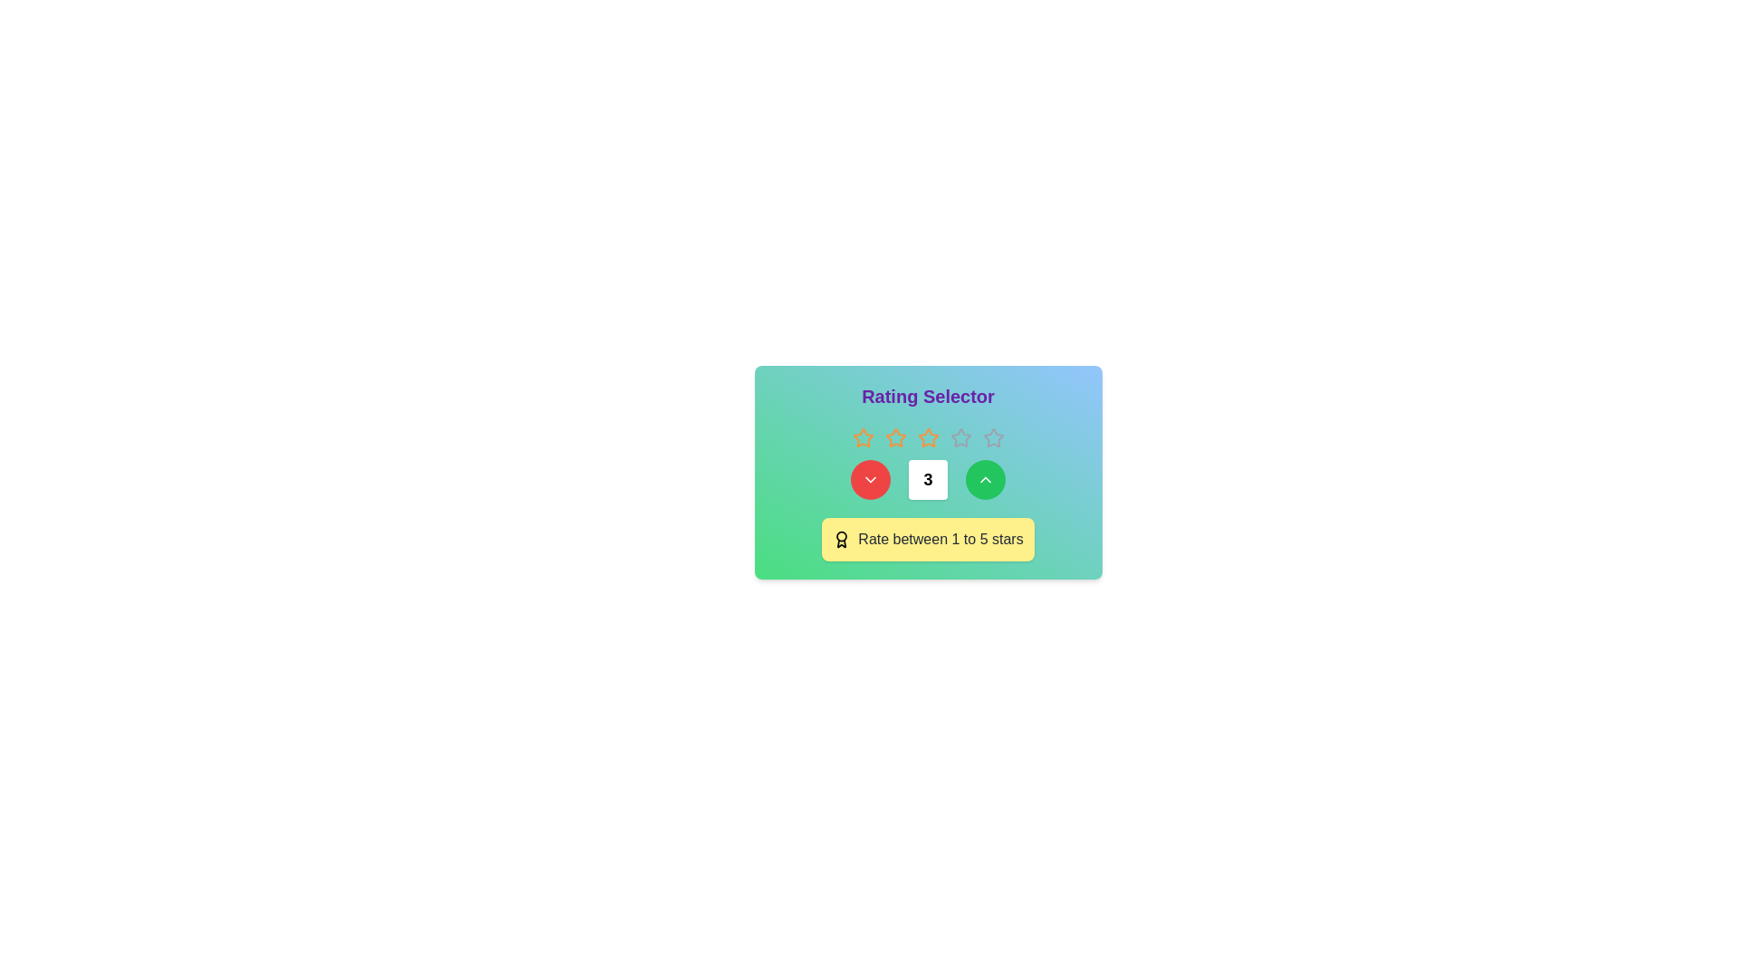 Image resolution: width=1738 pixels, height=978 pixels. What do you see at coordinates (862, 437) in the screenshot?
I see `the first star icon, which is an orange star with a hollow center and bold outline` at bounding box center [862, 437].